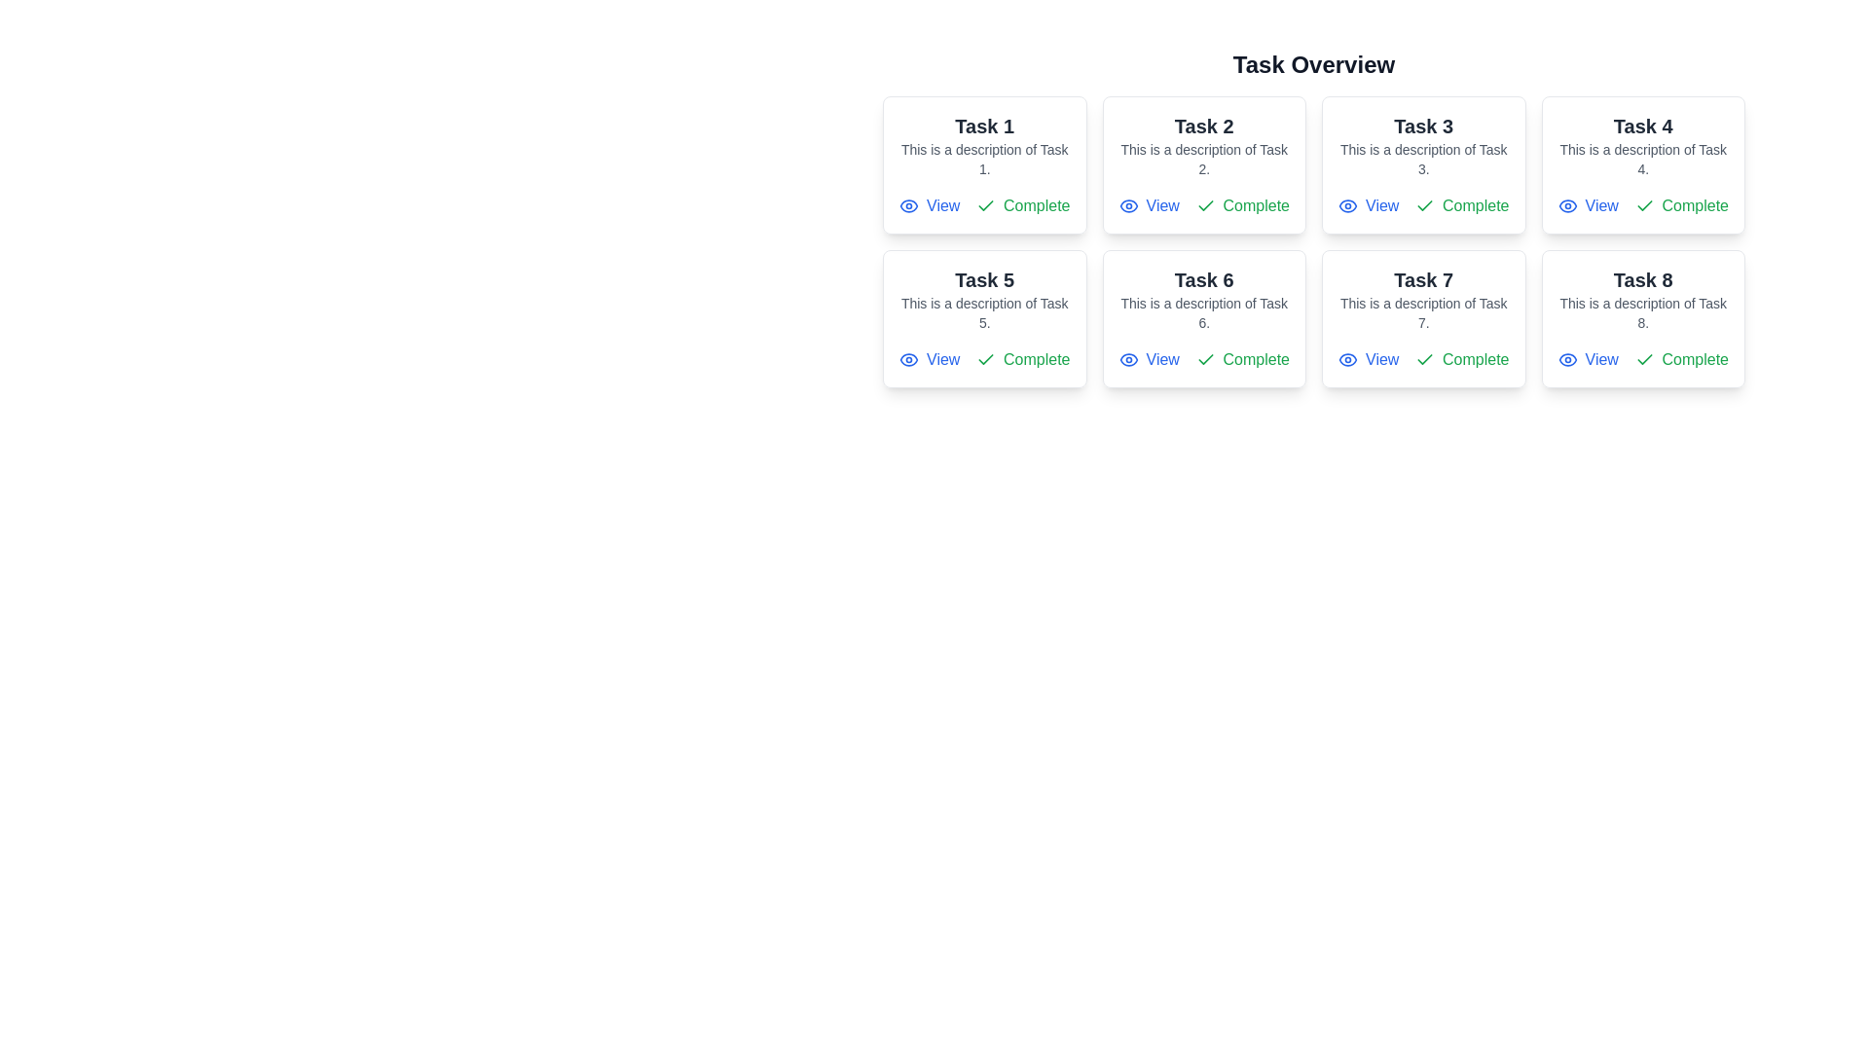 This screenshot has height=1051, width=1869. I want to click on the eye icon located within the 'View' button for 'Task 7', so click(1347, 360).